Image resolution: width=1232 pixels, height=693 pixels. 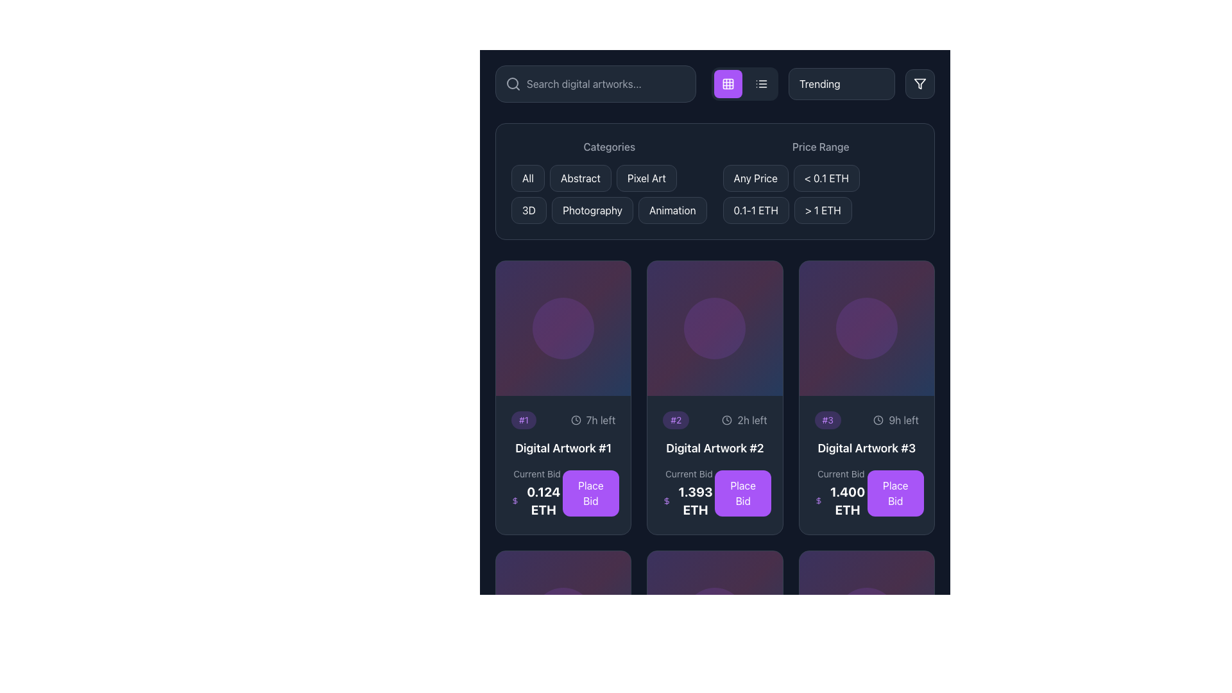 I want to click on the button labeled '0.1-1 ETH', which is the third button in the second row under the 'Price Range' section, so click(x=756, y=209).